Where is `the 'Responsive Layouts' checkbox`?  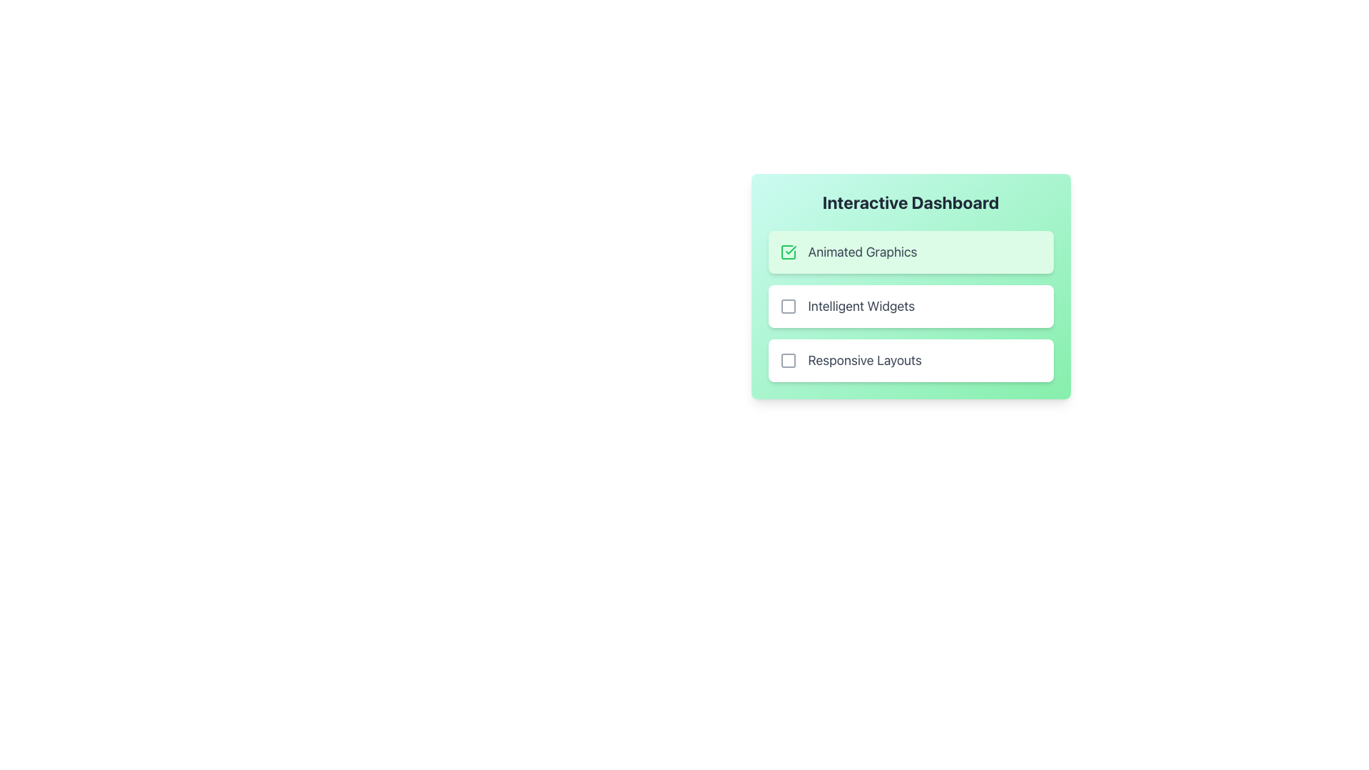 the 'Responsive Layouts' checkbox is located at coordinates (910, 359).